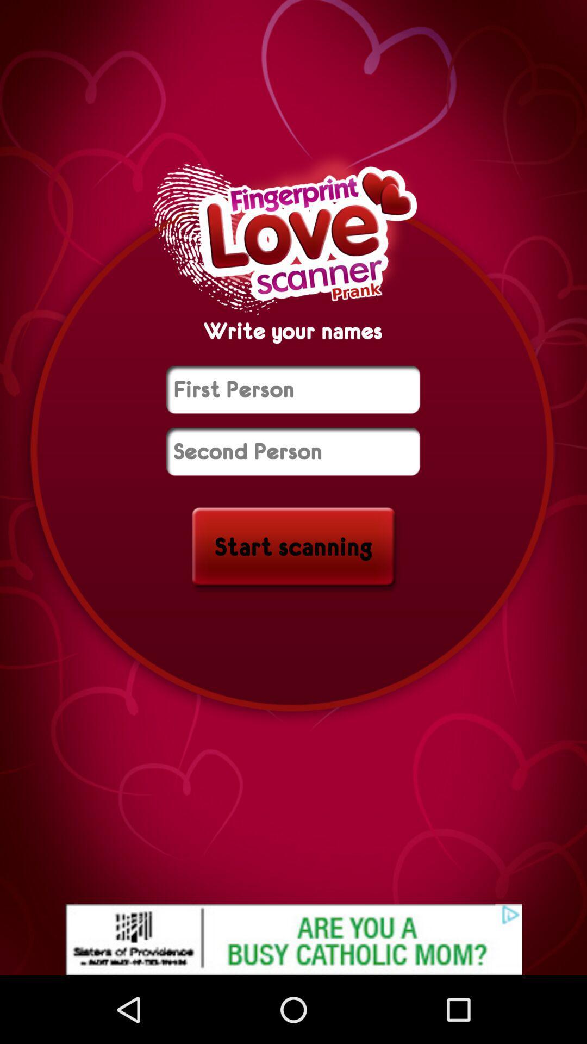 This screenshot has height=1044, width=587. What do you see at coordinates (292, 389) in the screenshot?
I see `pass word page` at bounding box center [292, 389].